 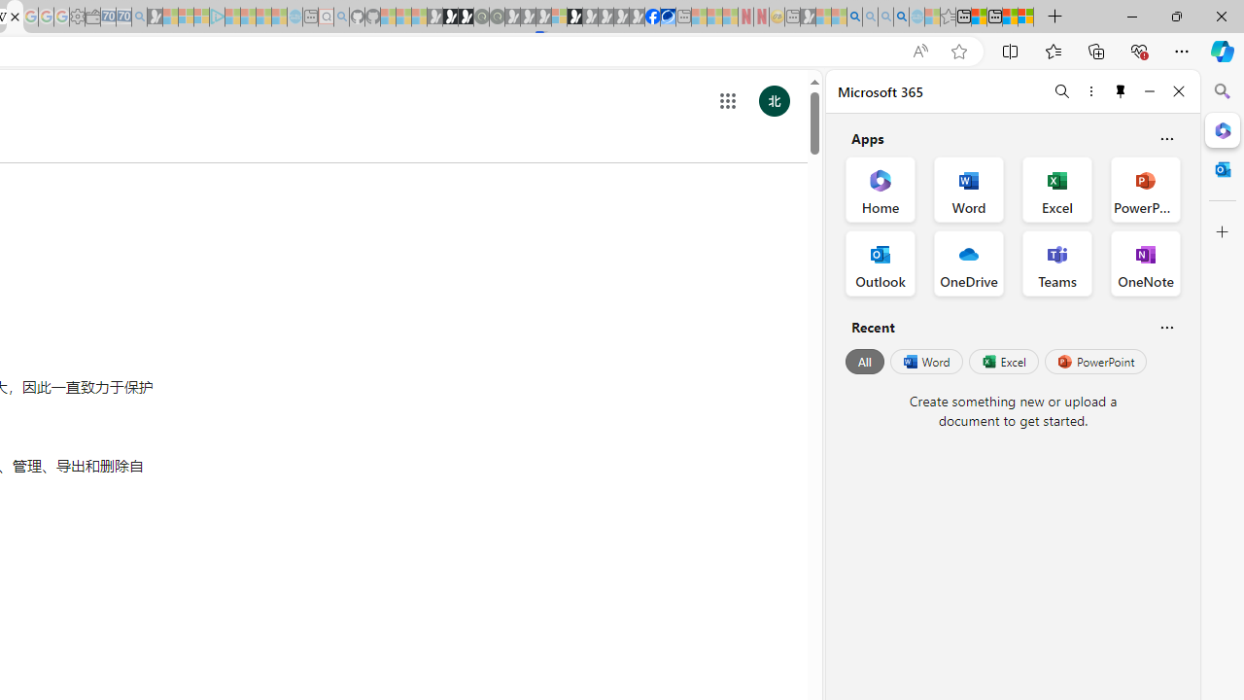 What do you see at coordinates (727, 101) in the screenshot?
I see `'Class: gb_E'` at bounding box center [727, 101].